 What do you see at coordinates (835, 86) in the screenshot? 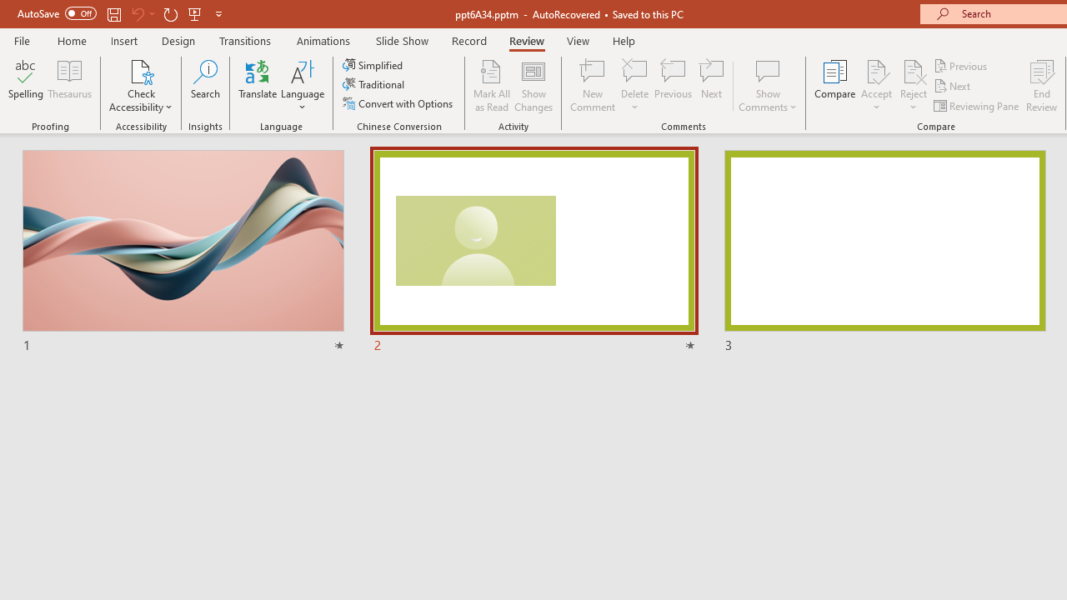
I see `'Compare'` at bounding box center [835, 86].